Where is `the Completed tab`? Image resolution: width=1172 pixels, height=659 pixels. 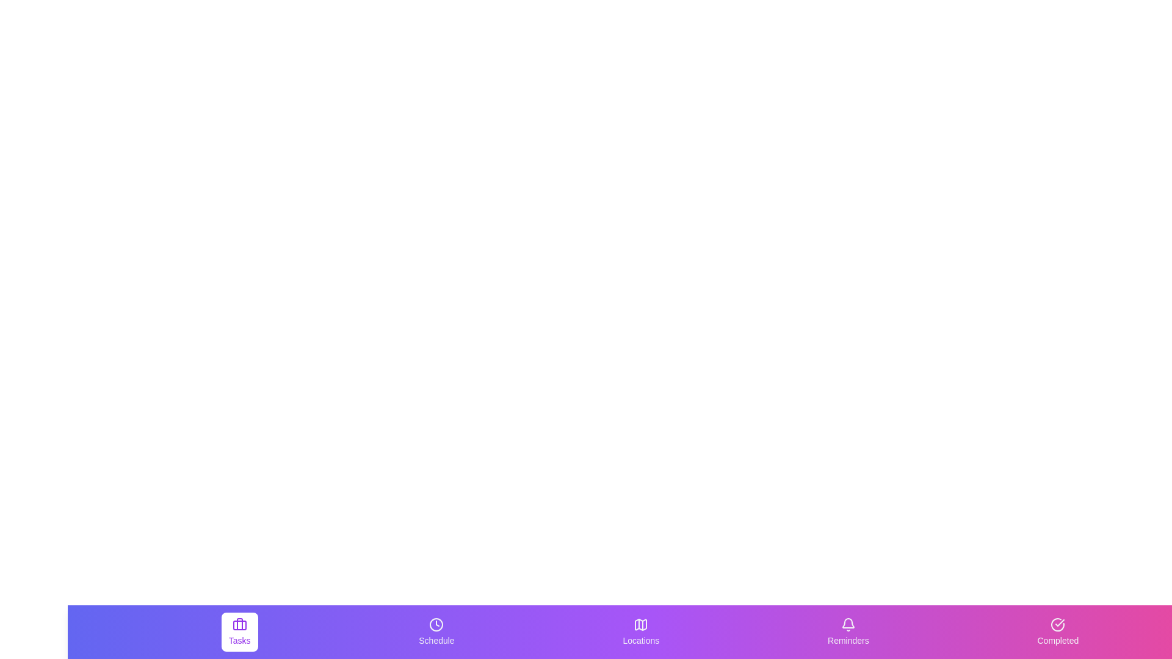 the Completed tab is located at coordinates (1057, 632).